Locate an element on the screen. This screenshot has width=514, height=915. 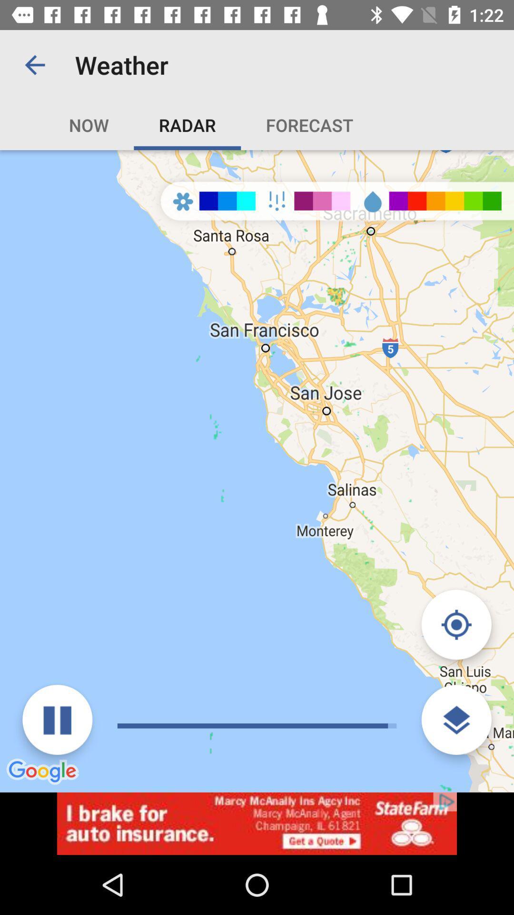
visit advertiser is located at coordinates (257, 823).